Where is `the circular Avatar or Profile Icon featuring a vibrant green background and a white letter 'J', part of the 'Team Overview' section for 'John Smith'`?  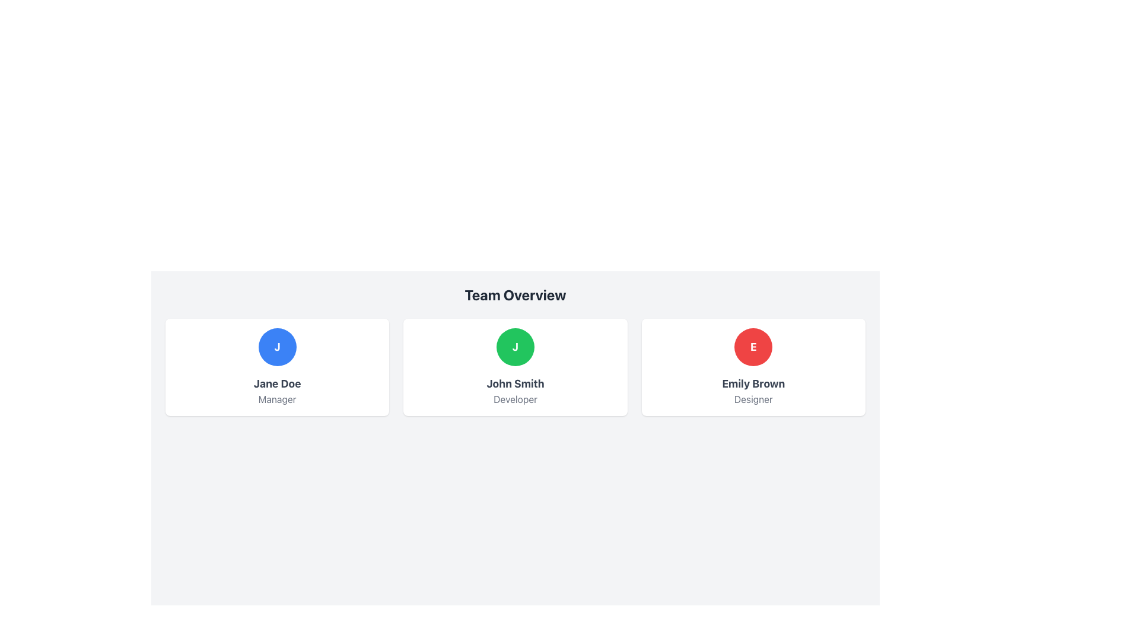 the circular Avatar or Profile Icon featuring a vibrant green background and a white letter 'J', part of the 'Team Overview' section for 'John Smith' is located at coordinates (515, 347).